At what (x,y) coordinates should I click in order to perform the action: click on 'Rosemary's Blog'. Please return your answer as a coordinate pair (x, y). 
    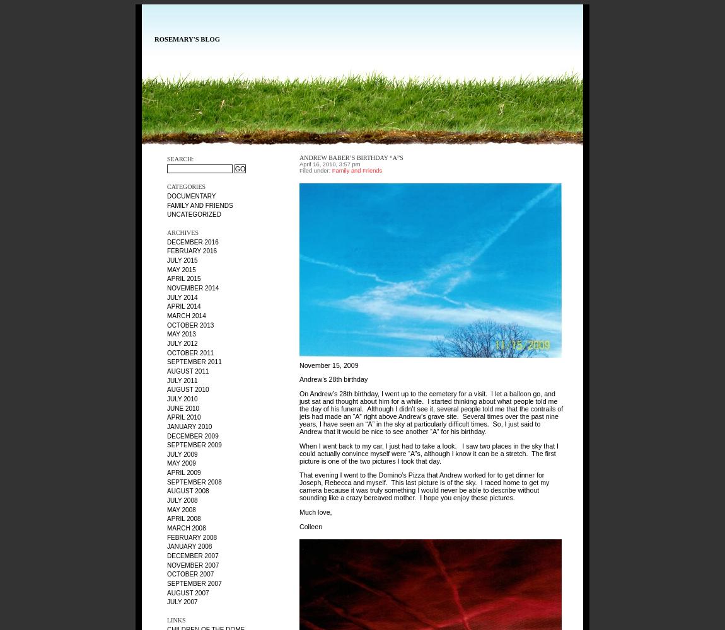
    Looking at the image, I should click on (187, 39).